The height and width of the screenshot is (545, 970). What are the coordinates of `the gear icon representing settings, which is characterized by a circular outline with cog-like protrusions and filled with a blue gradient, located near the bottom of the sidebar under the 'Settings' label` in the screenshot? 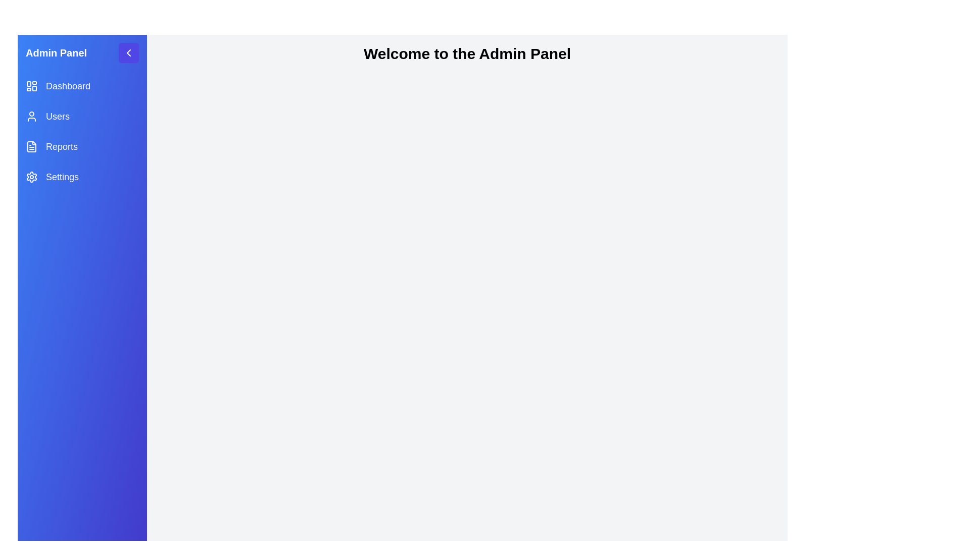 It's located at (31, 177).